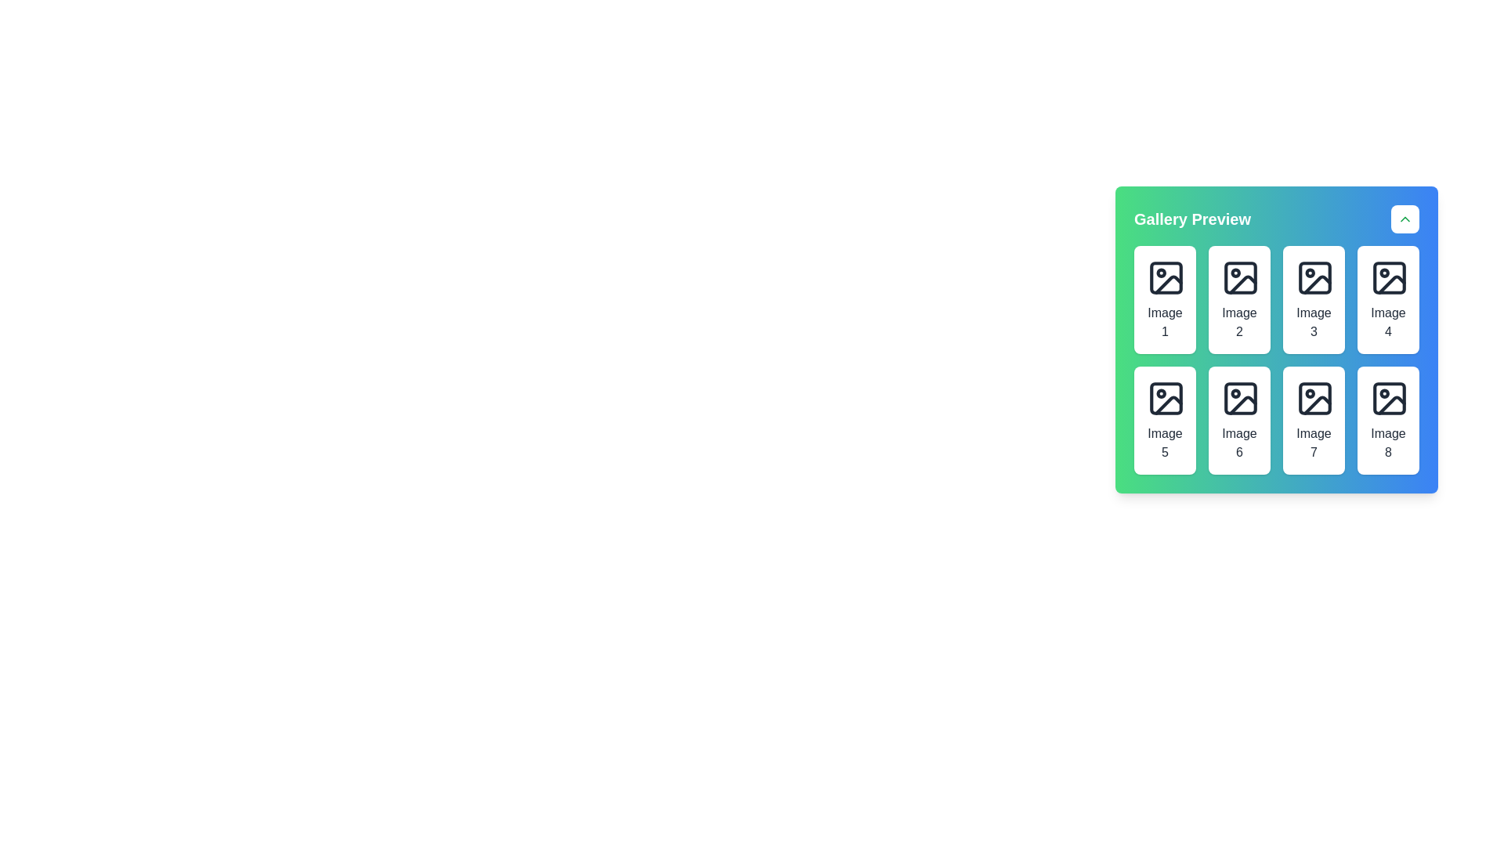 Image resolution: width=1504 pixels, height=846 pixels. Describe the element at coordinates (1314, 322) in the screenshot. I see `the static text label 'Image 3' located below the image icon on the third card in the grid layout` at that location.